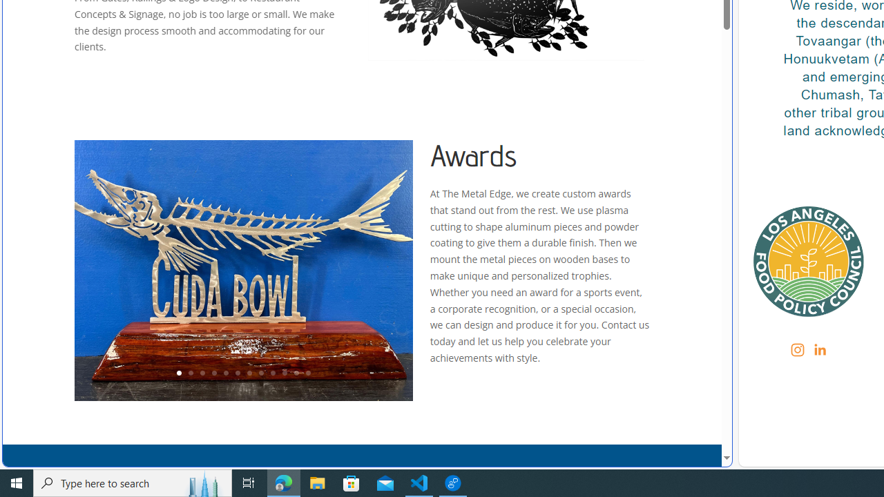  Describe the element at coordinates (295, 373) in the screenshot. I see `'11'` at that location.